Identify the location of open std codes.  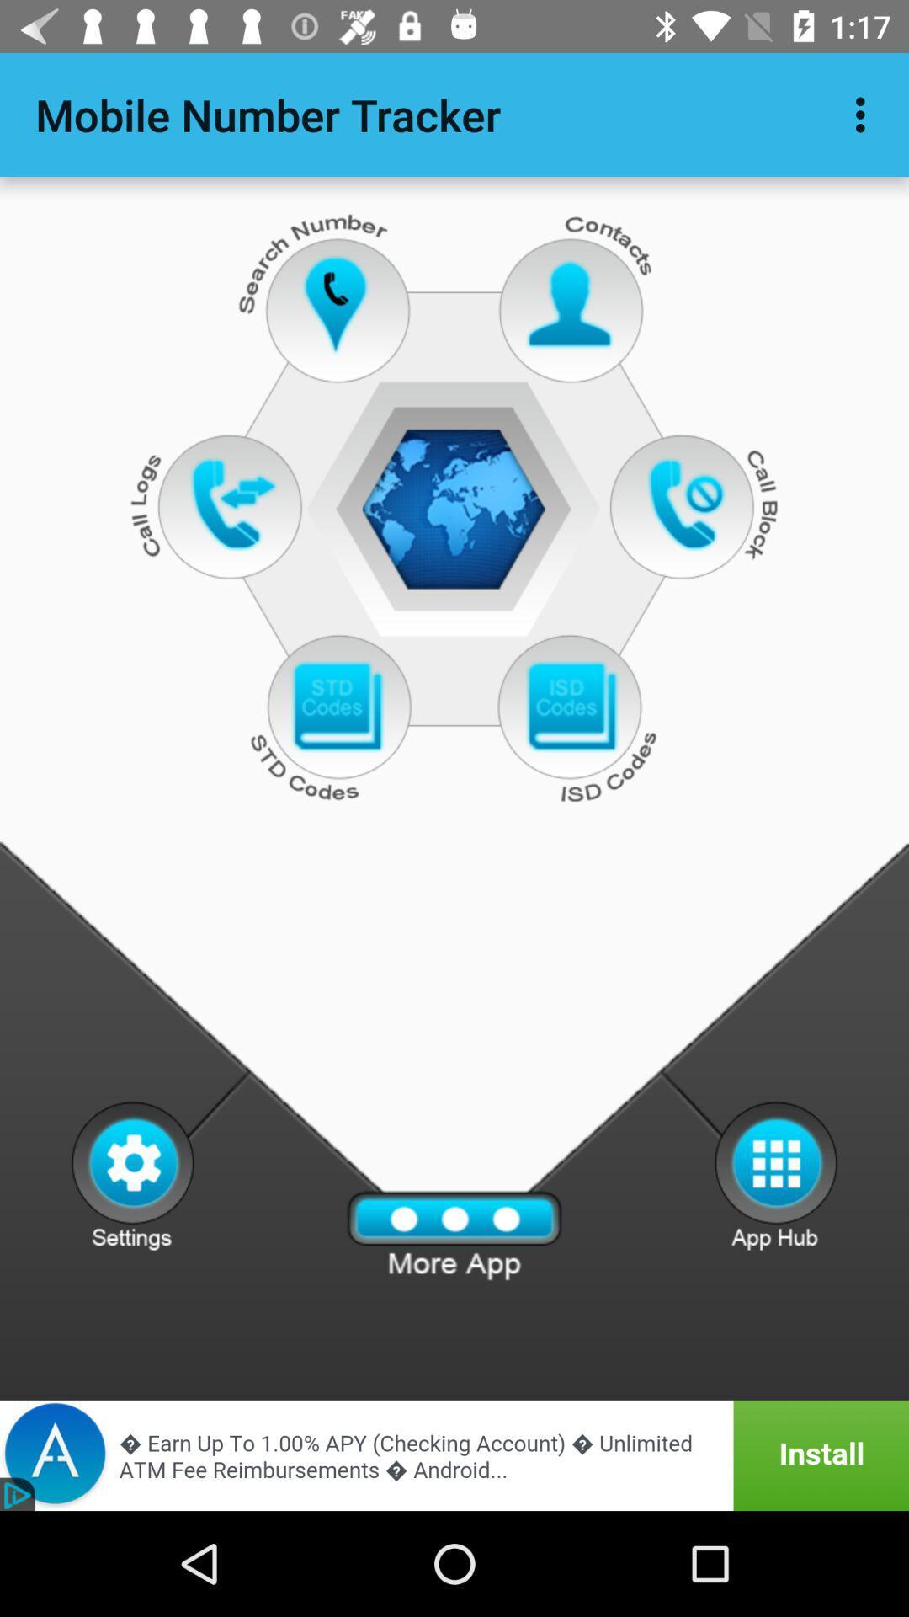
(337, 707).